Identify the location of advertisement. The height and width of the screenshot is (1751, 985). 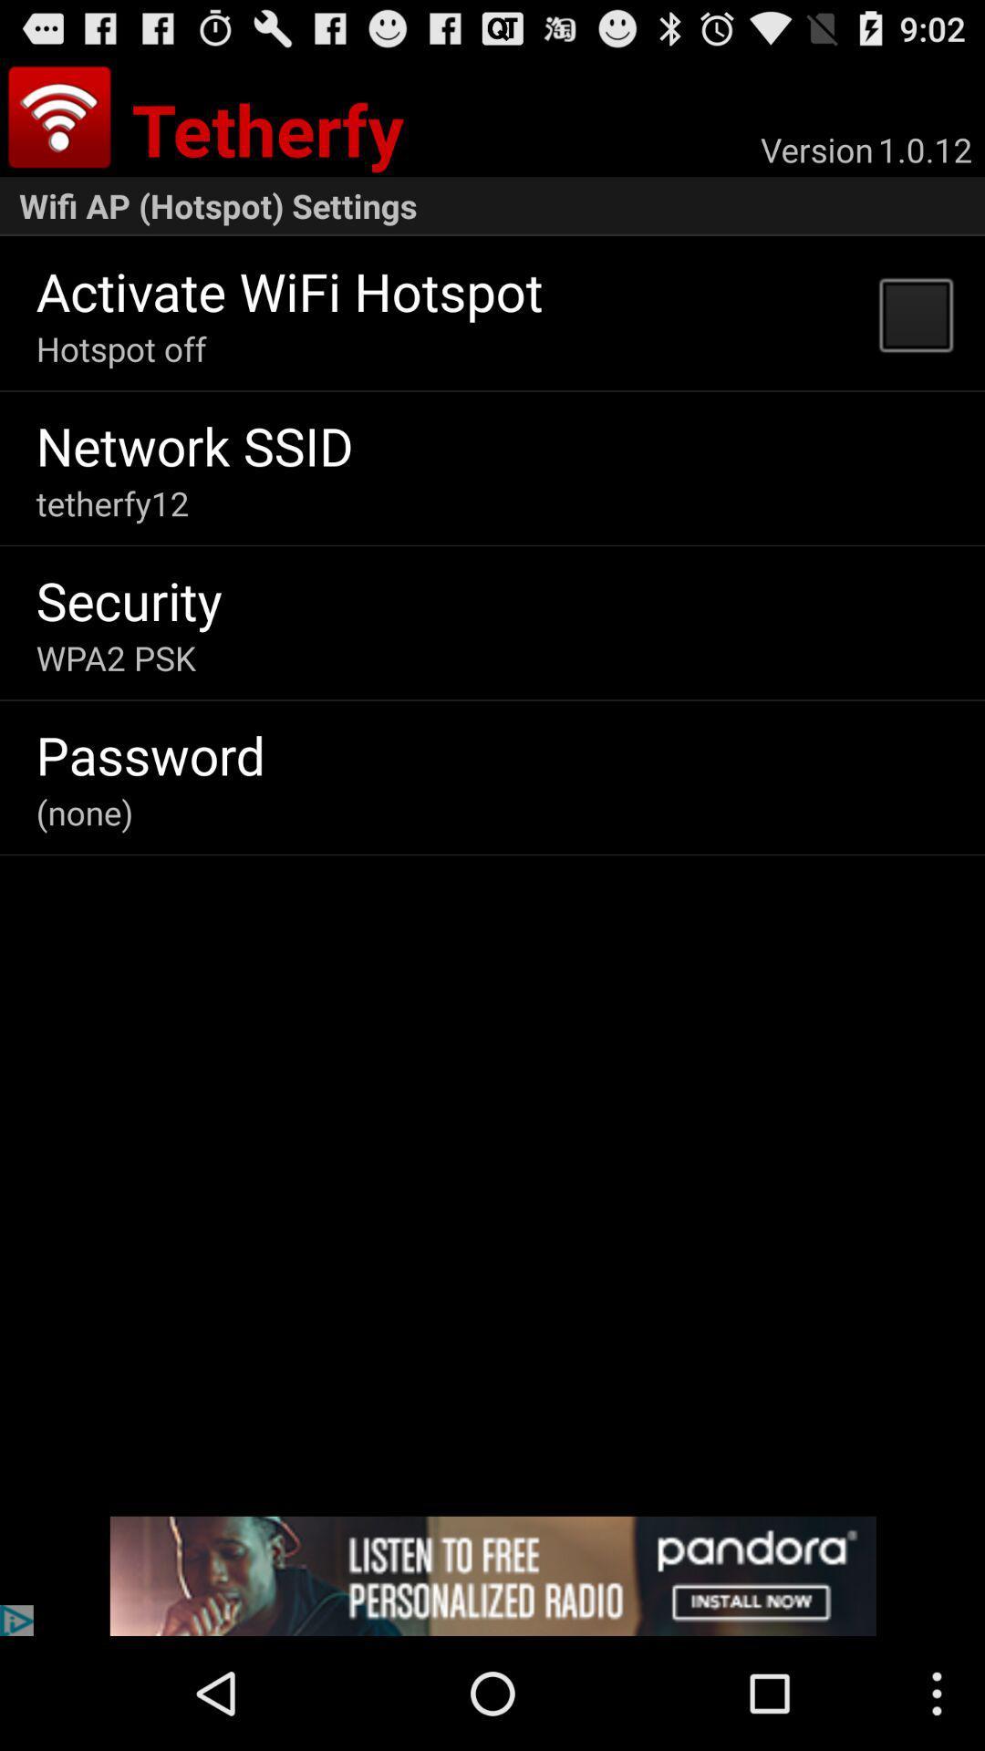
(493, 1575).